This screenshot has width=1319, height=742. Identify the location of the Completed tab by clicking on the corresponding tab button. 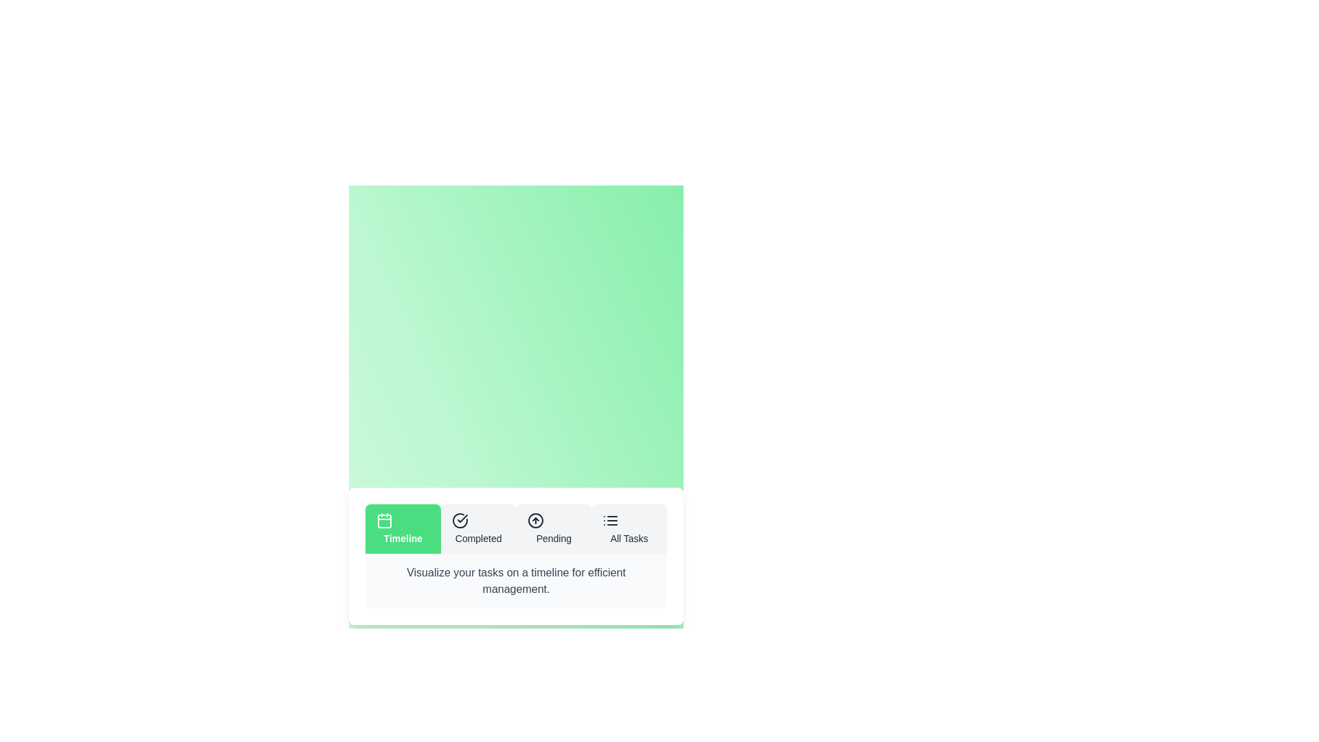
(478, 528).